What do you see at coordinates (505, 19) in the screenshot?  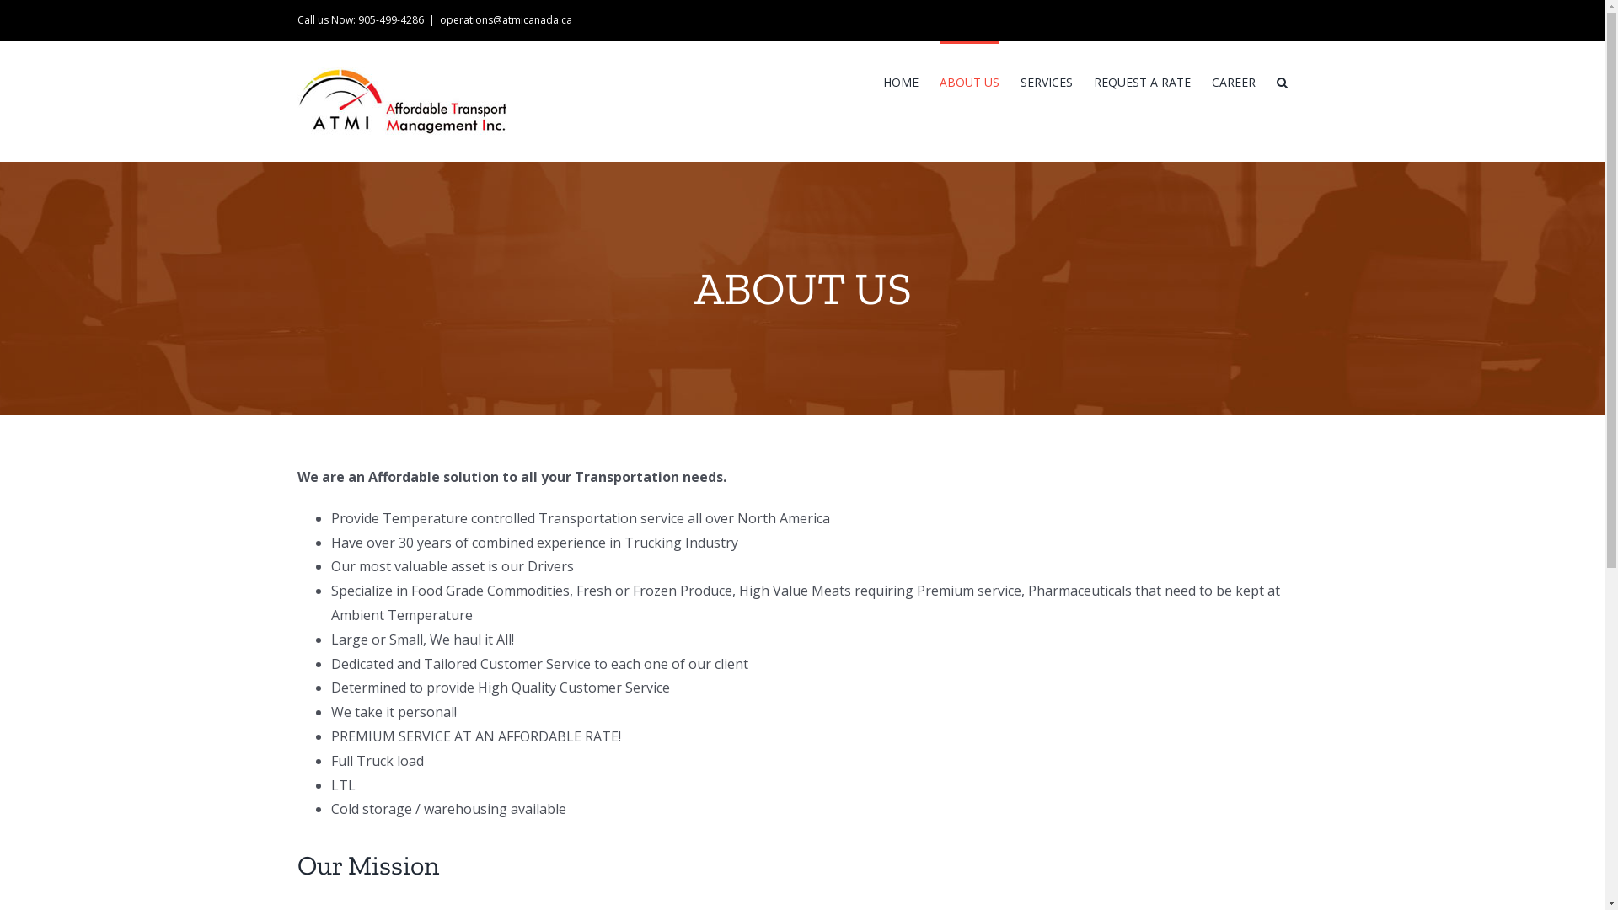 I see `'operations@atmicanada.ca'` at bounding box center [505, 19].